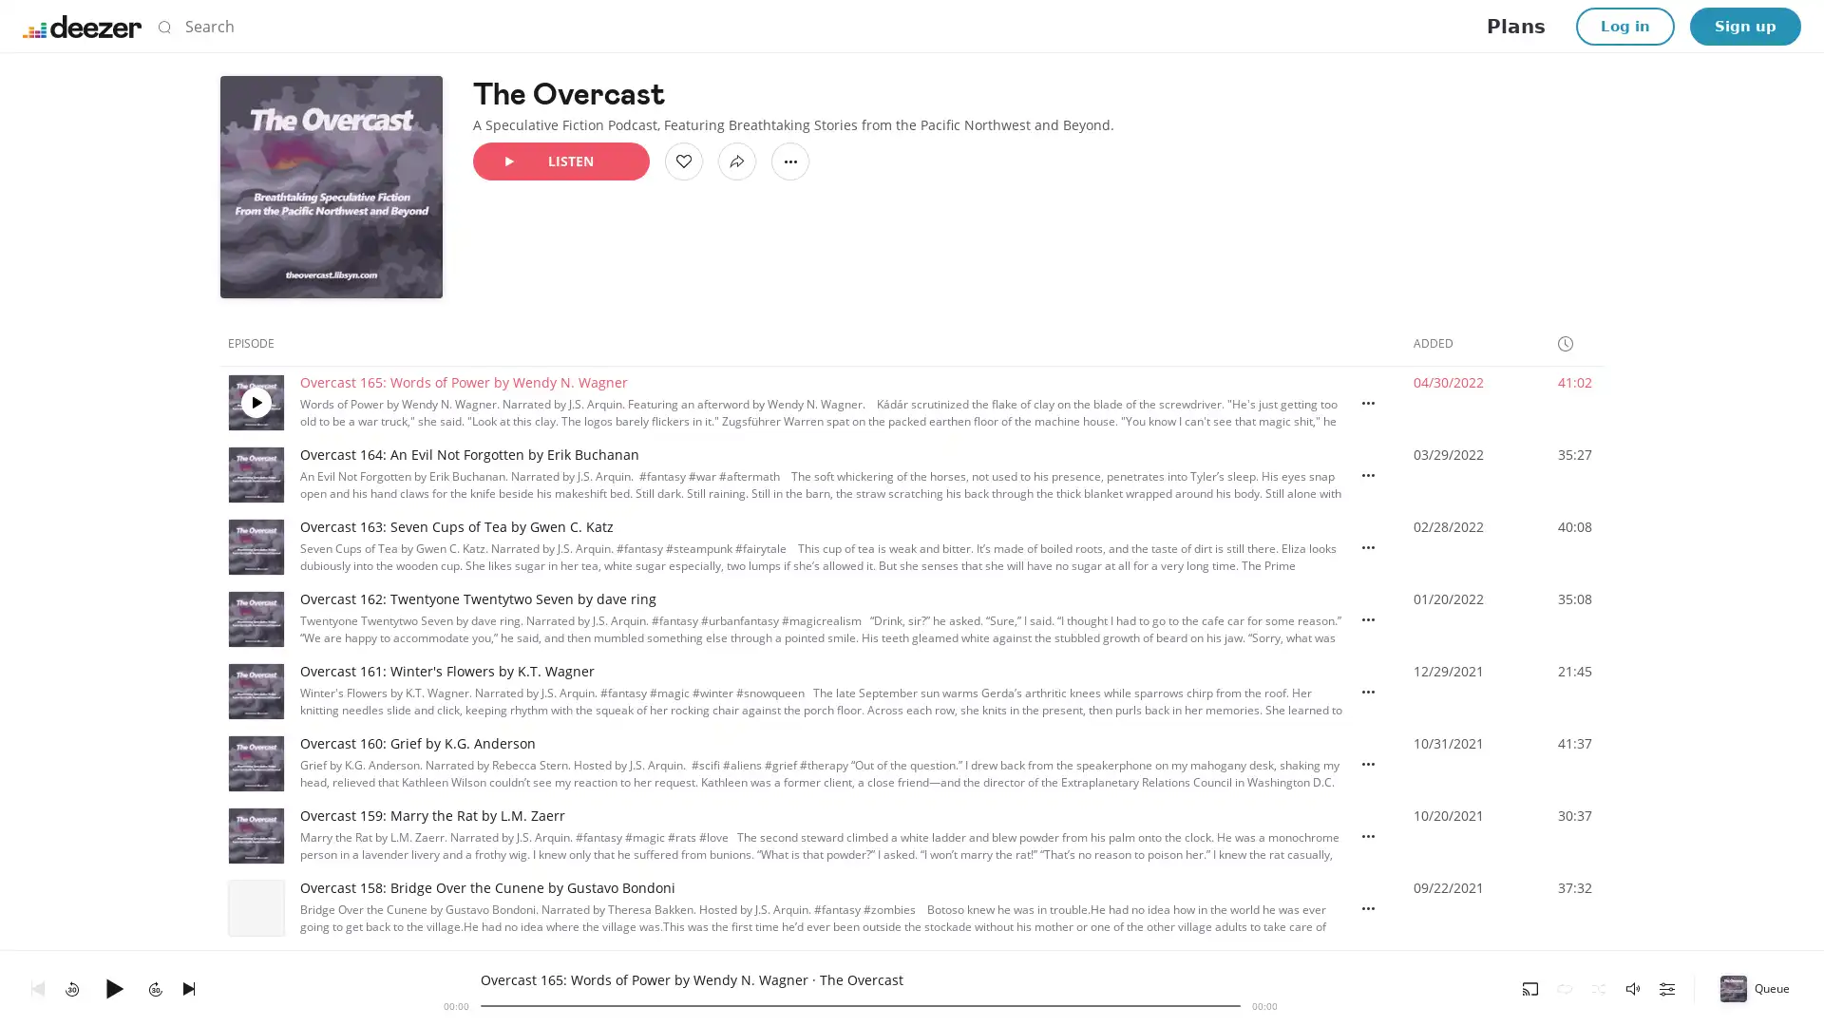 Image resolution: width=1824 pixels, height=1026 pixels. I want to click on Play Overcast 165: Words of Power by Wendy N. Wagner by The Overcast, so click(255, 402).